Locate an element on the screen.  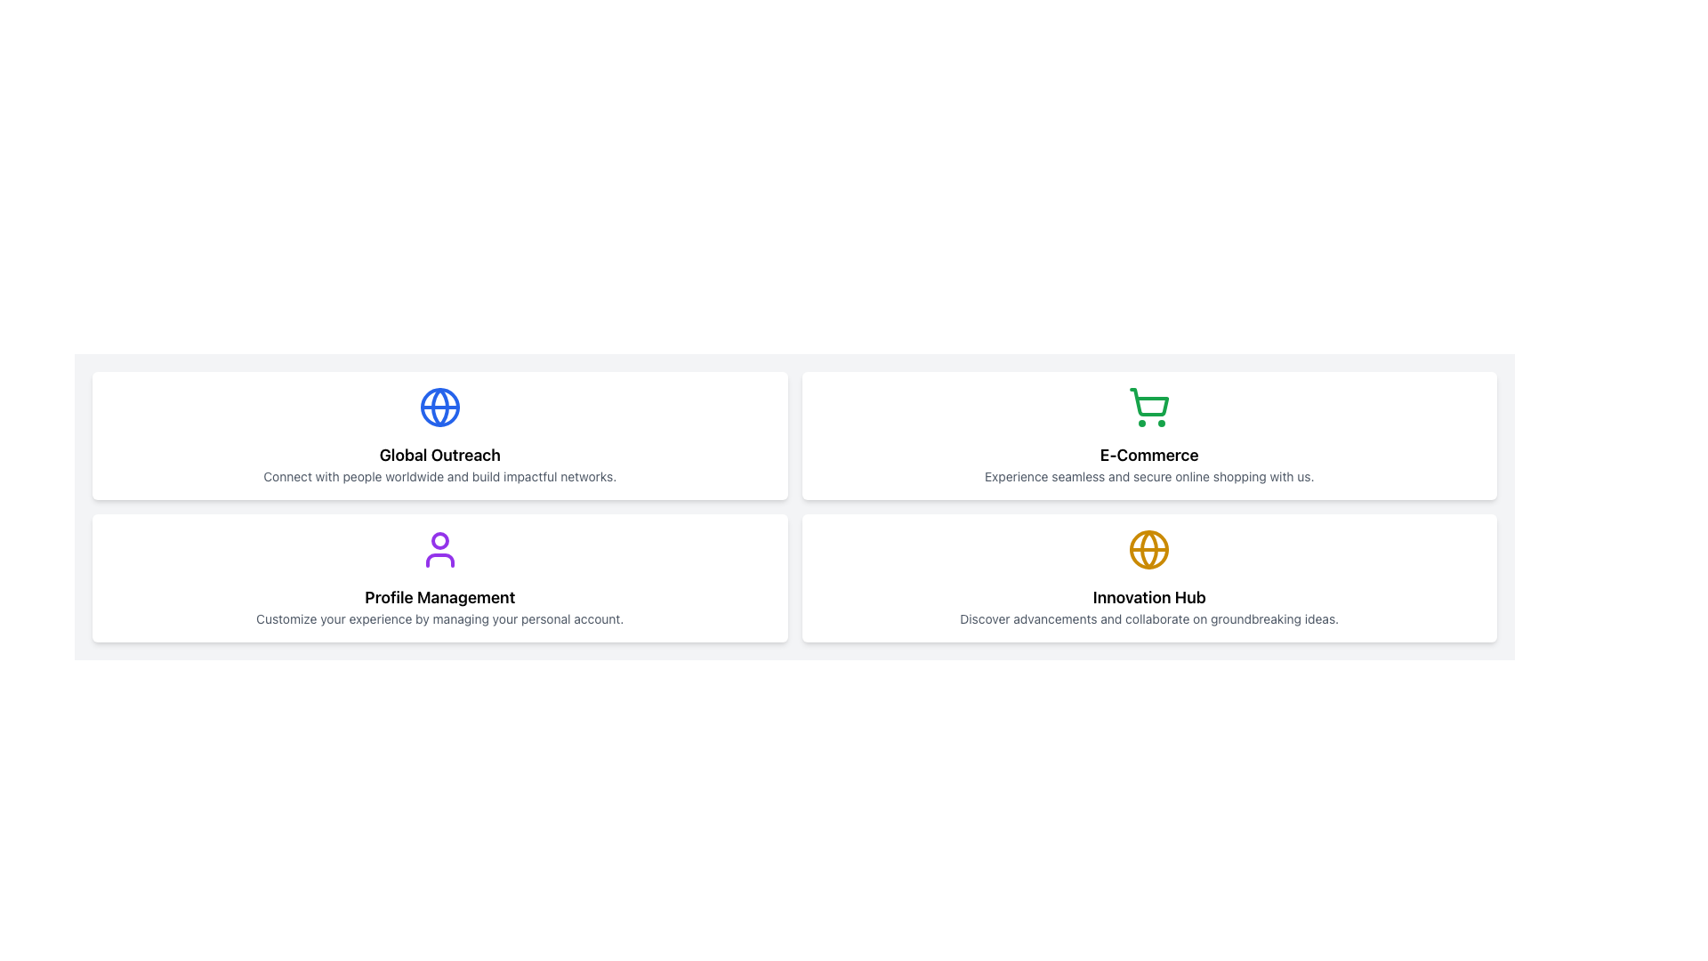
text element displaying the phrase 'Experience seamless and secure online shopping with us.' which is styled in a small-sized gray font, located below the heading 'E-Commerce' in the top right card of the interface is located at coordinates (1149, 476).